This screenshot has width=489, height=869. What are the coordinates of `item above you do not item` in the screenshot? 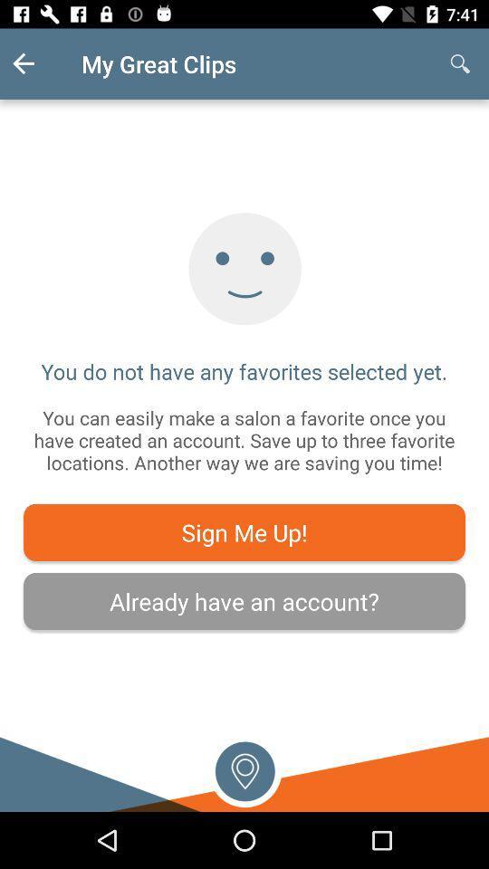 It's located at (460, 63).